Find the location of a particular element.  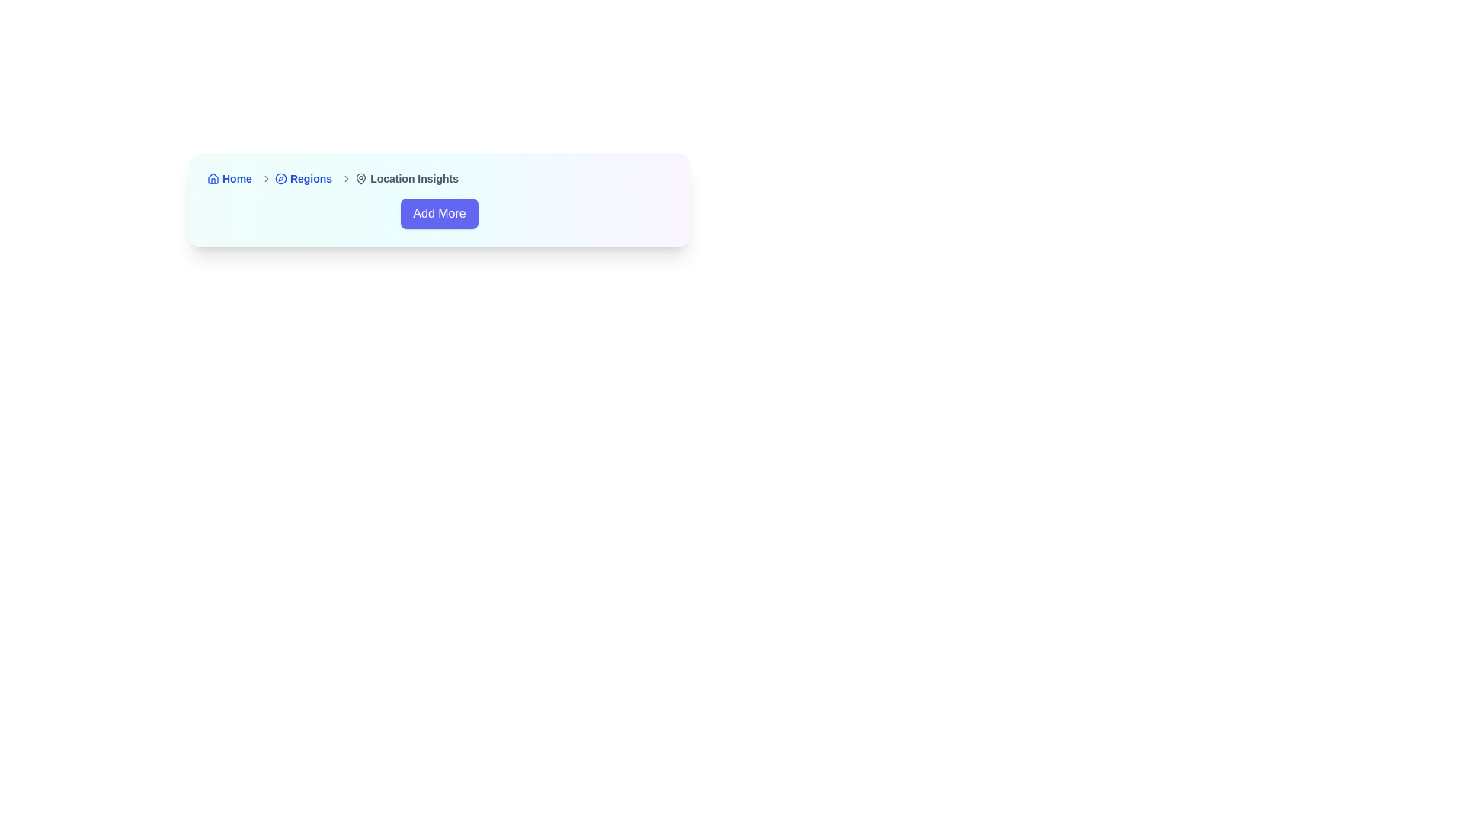

the 'Regions' link in the breadcrumb navigation bar is located at coordinates (303, 178).